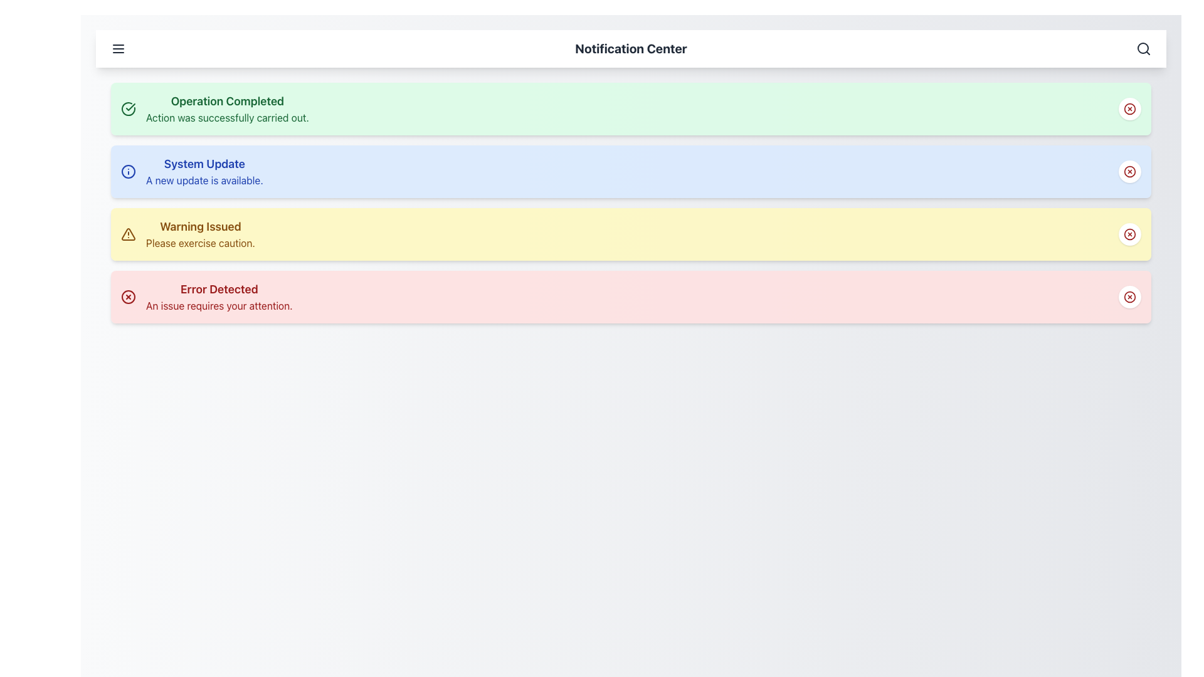 Image resolution: width=1204 pixels, height=677 pixels. I want to click on the circular button with a red border and a red 'X' symbol located at the far right of the notification bar labeled 'Error Detected', so click(1129, 297).